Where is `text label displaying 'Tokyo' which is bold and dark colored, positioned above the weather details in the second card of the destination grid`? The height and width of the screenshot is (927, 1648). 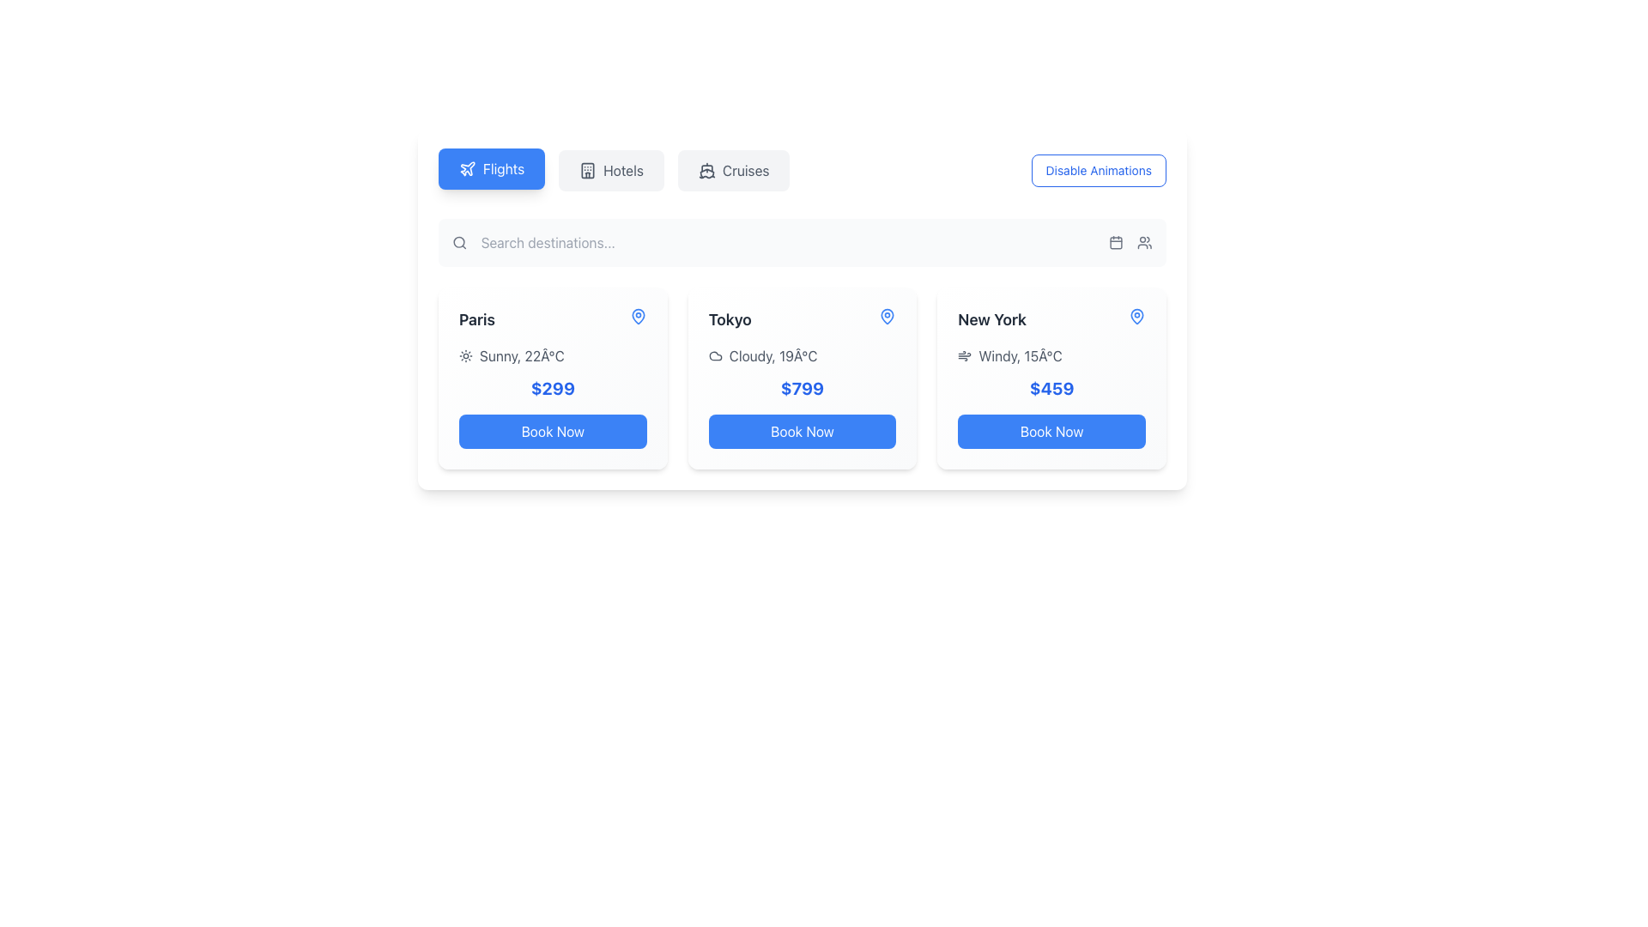
text label displaying 'Tokyo' which is bold and dark colored, positioned above the weather details in the second card of the destination grid is located at coordinates (730, 320).